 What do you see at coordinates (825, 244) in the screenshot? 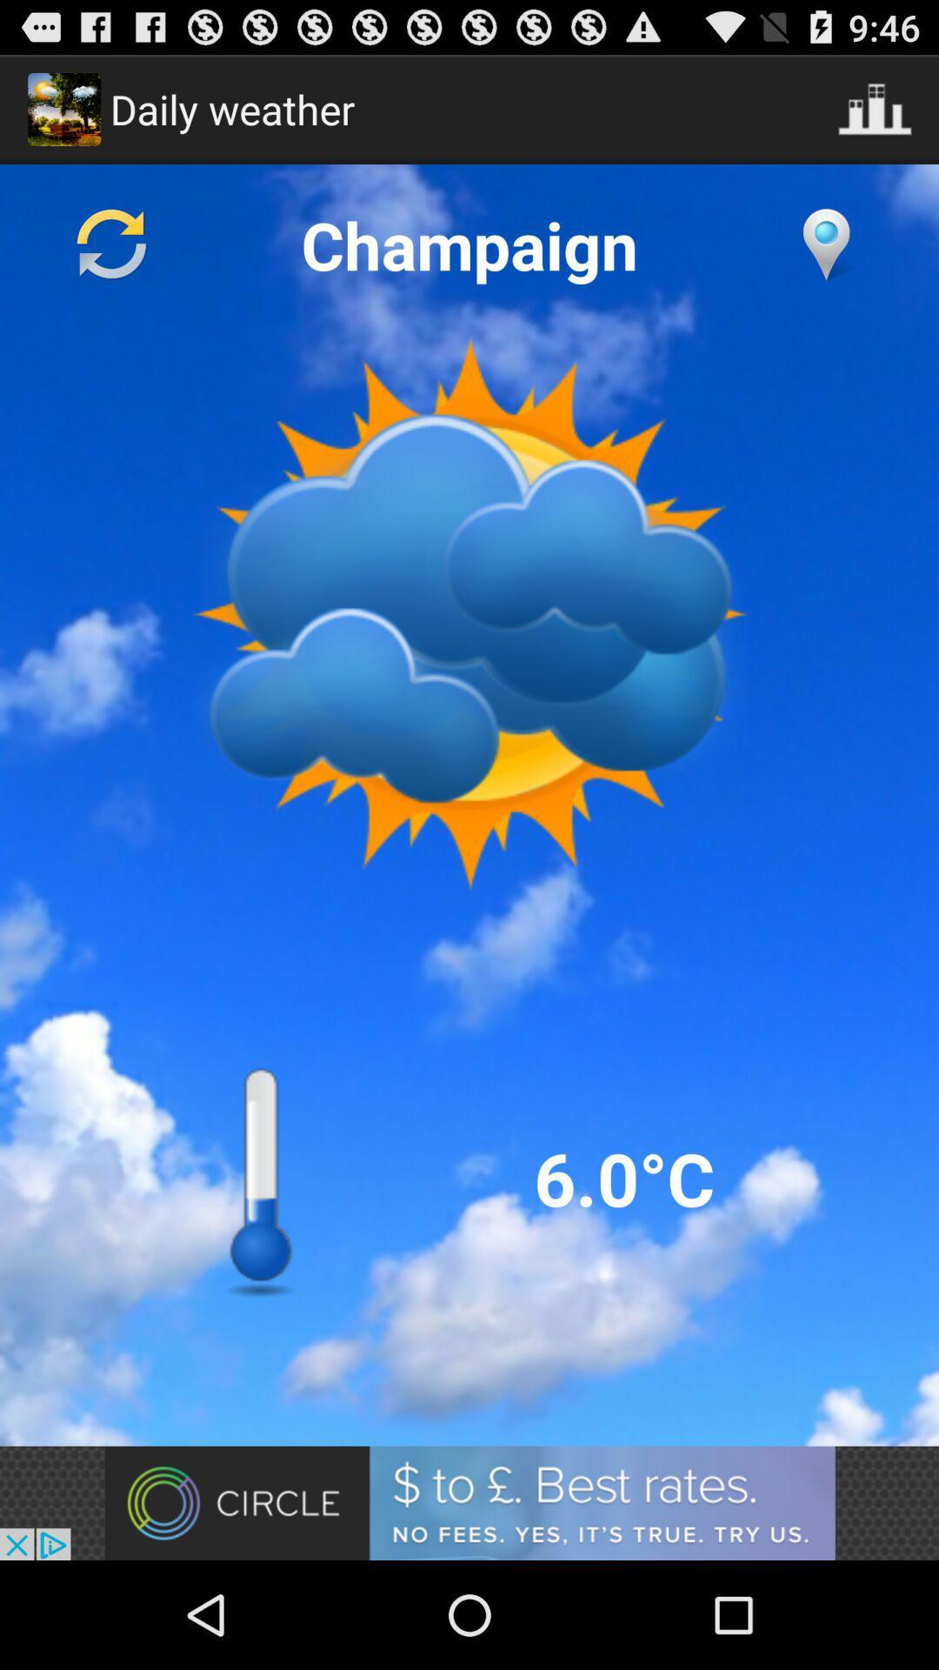
I see `compass point` at bounding box center [825, 244].